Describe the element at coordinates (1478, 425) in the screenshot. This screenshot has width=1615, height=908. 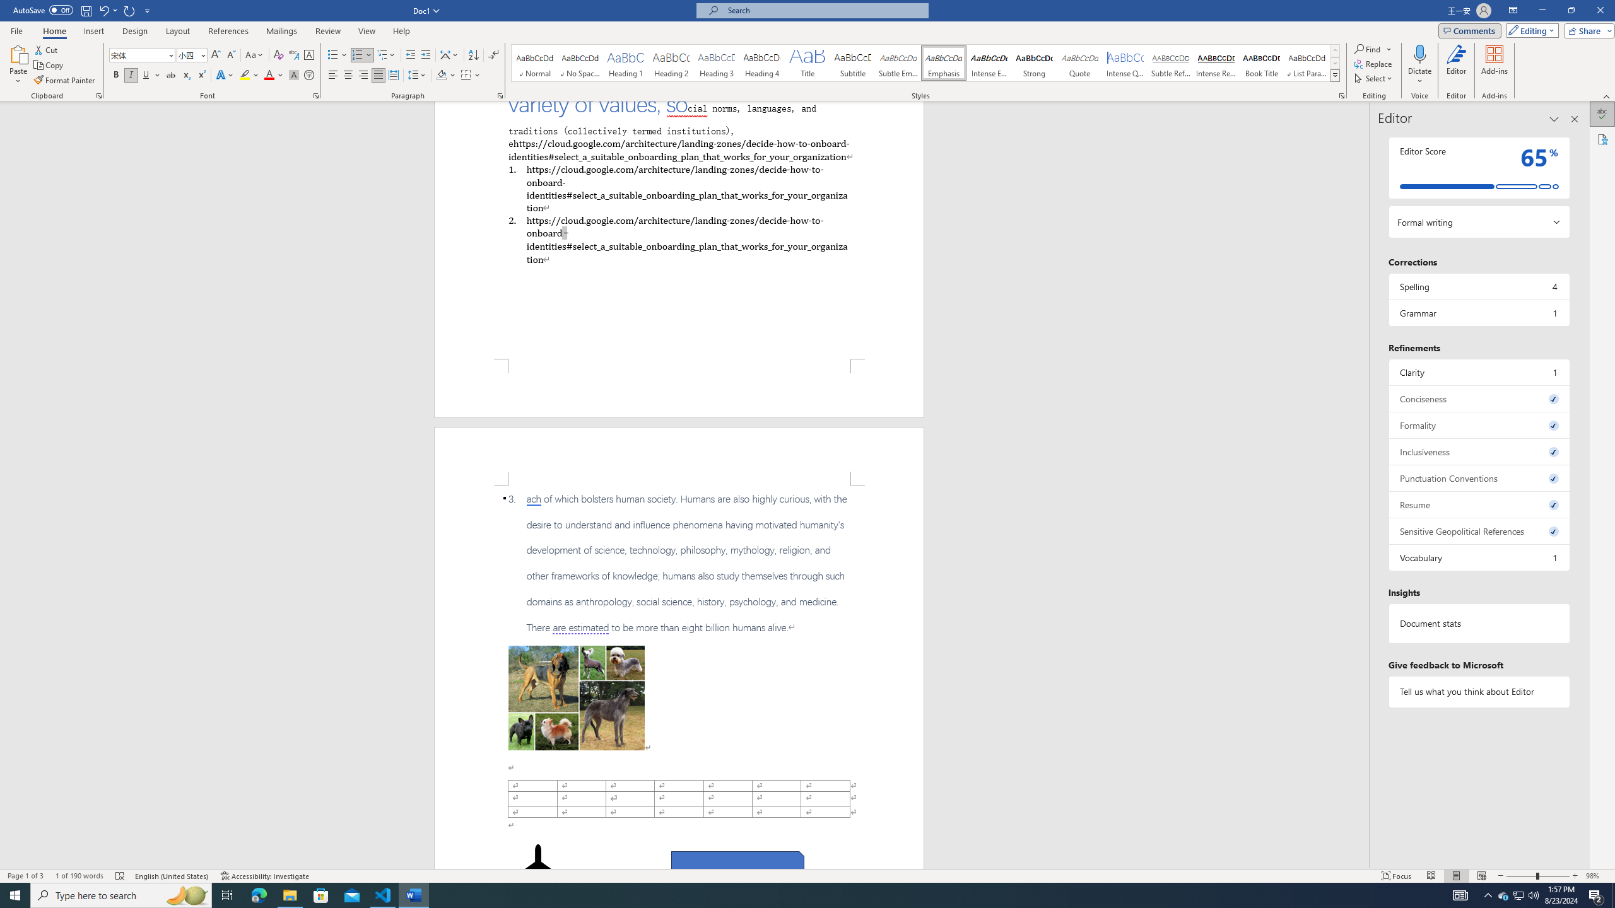
I see `'Formality, 0 issues. Press space or enter to review items.'` at that location.